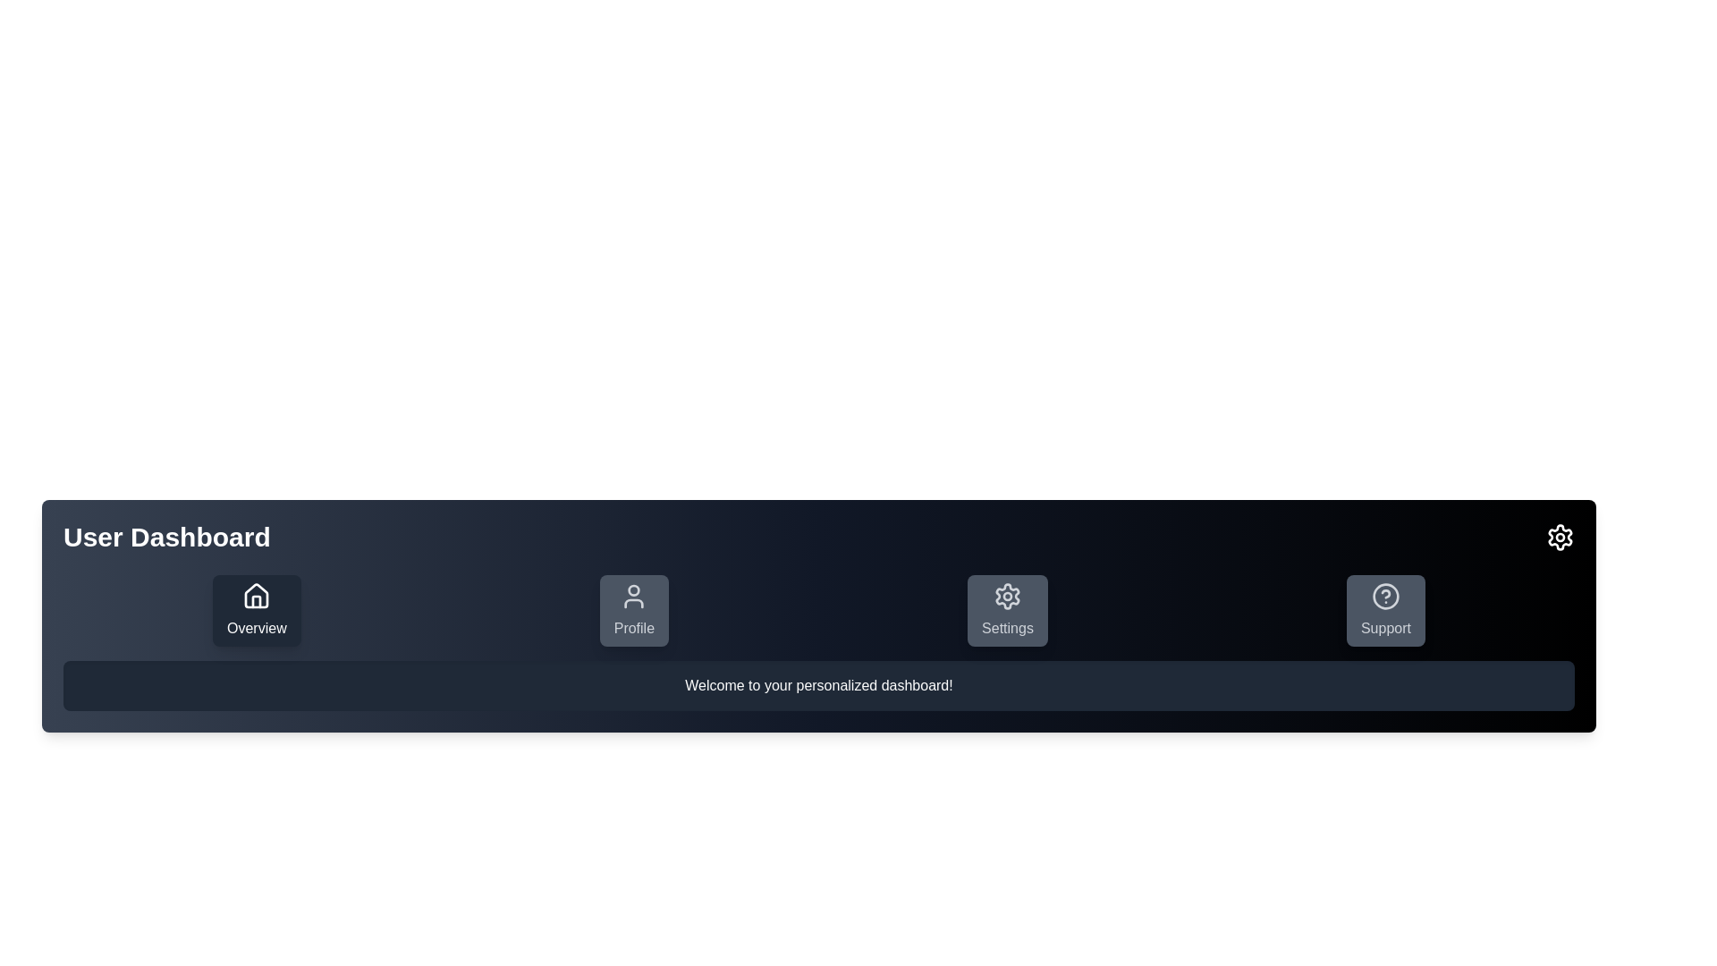 Image resolution: width=1717 pixels, height=966 pixels. Describe the element at coordinates (1385, 609) in the screenshot. I see `the 'Support' navigation button located at the bottom center of the user interface` at that location.